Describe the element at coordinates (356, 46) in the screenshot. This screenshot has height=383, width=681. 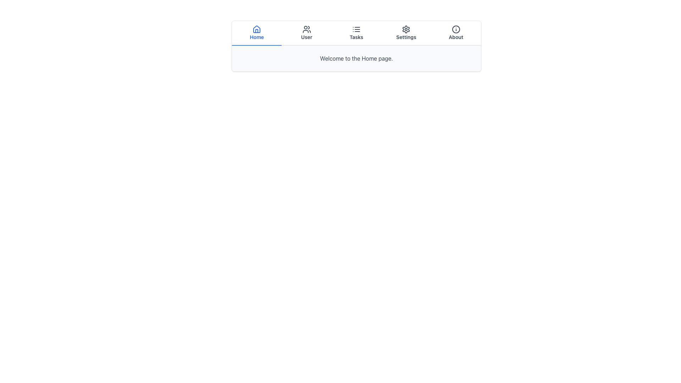
I see `a link within the navigational Card located at the top of the interface, which contains navigational buttons and a welcome message` at that location.